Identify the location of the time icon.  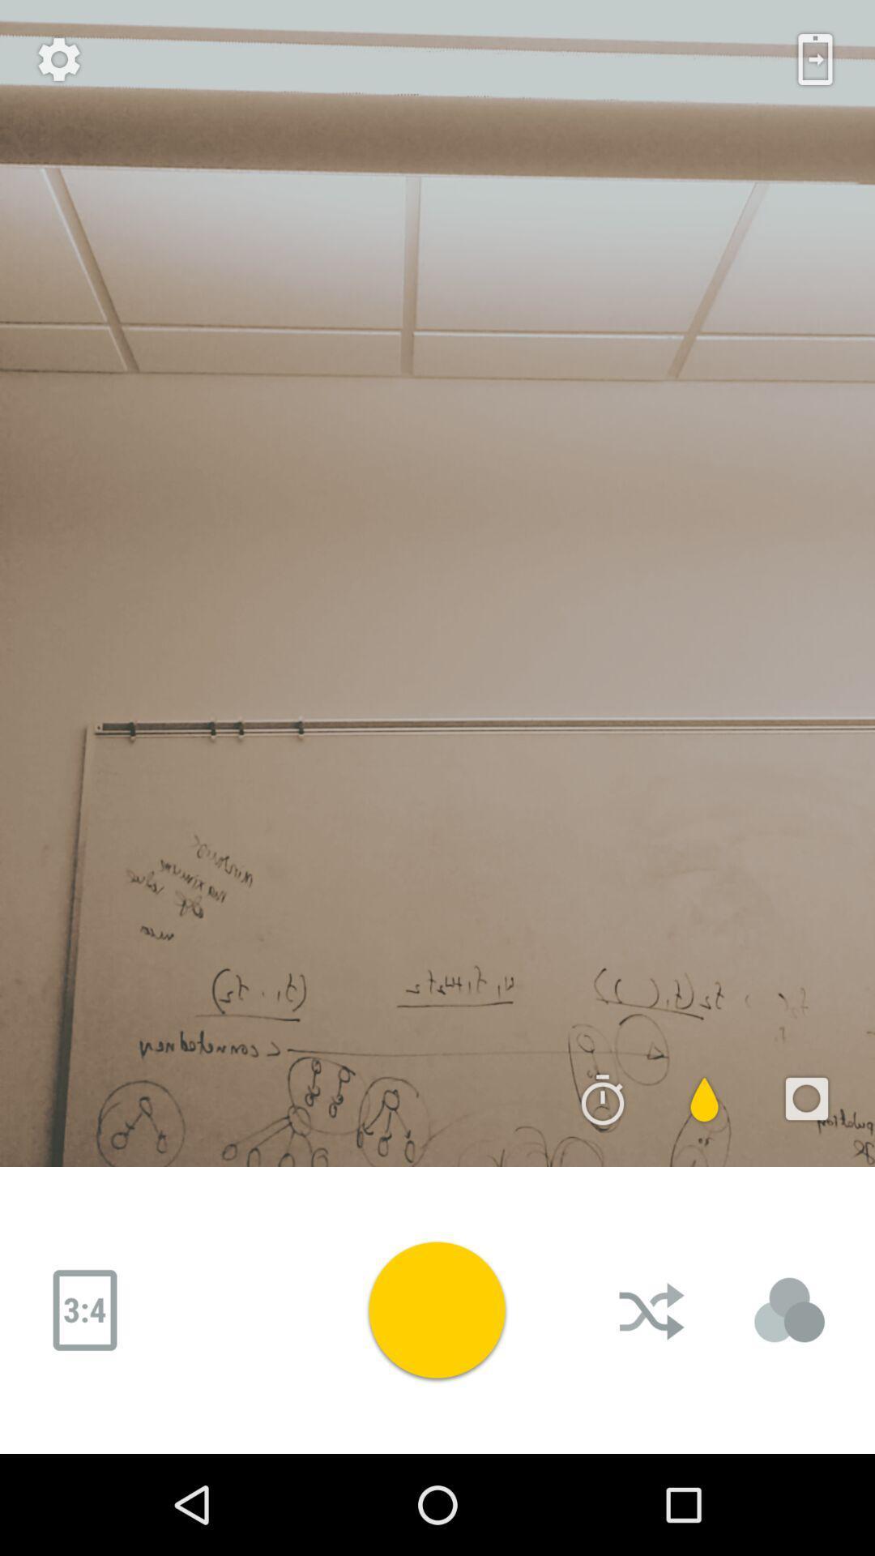
(603, 1099).